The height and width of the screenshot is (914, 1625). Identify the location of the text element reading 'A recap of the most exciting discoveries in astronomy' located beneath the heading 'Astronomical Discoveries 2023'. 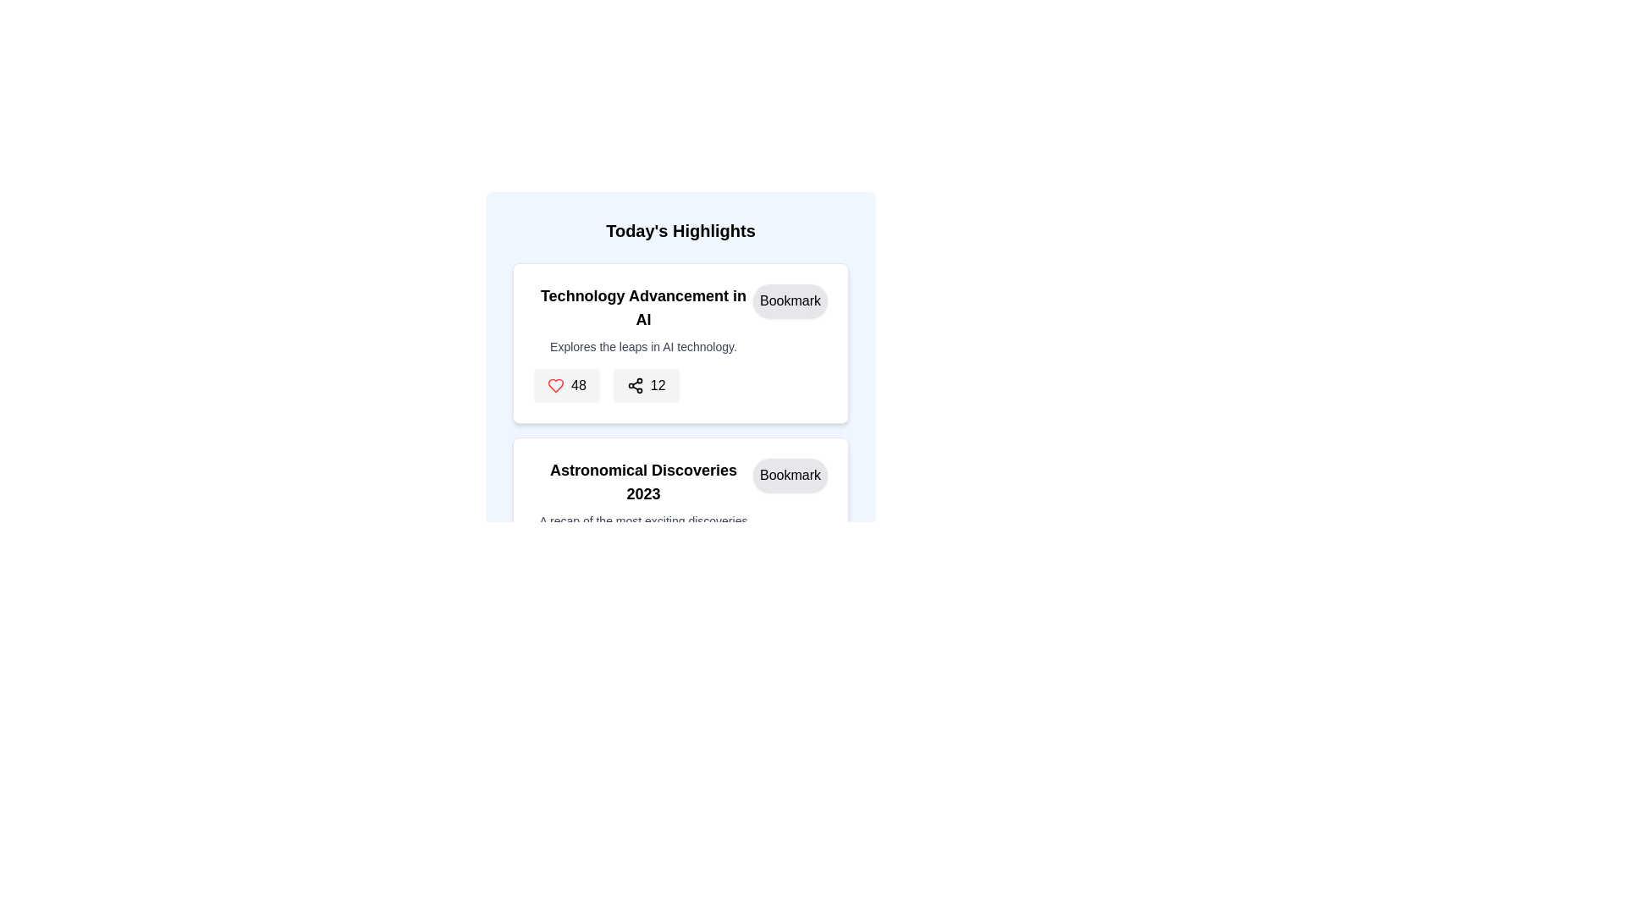
(642, 528).